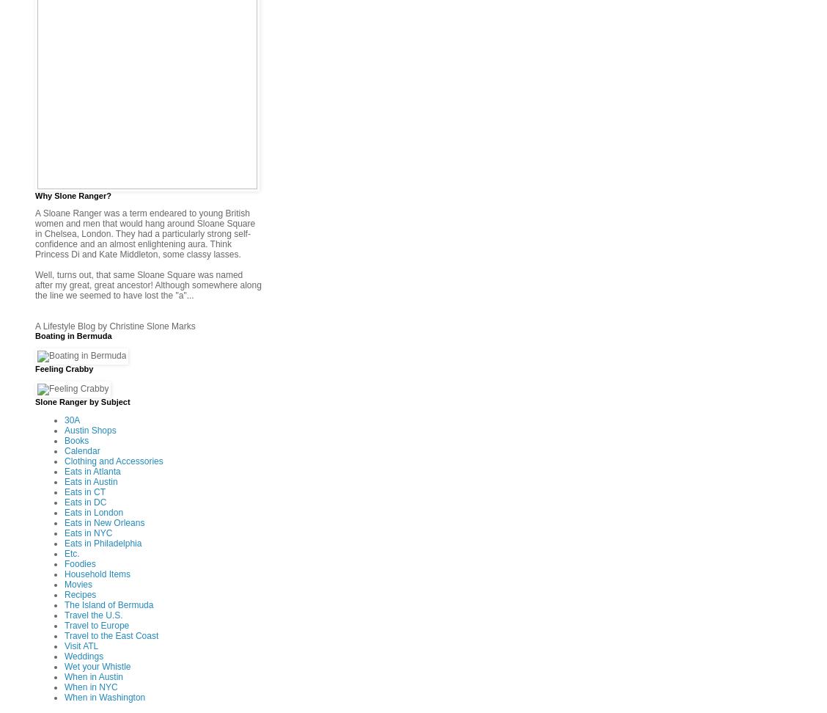 Image resolution: width=827 pixels, height=713 pixels. Describe the element at coordinates (144, 233) in the screenshot. I see `'A Sloane Ranger was a term endeared to young British women and men that would hang around Sloane Square in Chelsea, London.  They had a particularly strong self-confidence and an almost enlightening aura.  Think Princess Di and Kate Middleton, some classy lasses.'` at that location.